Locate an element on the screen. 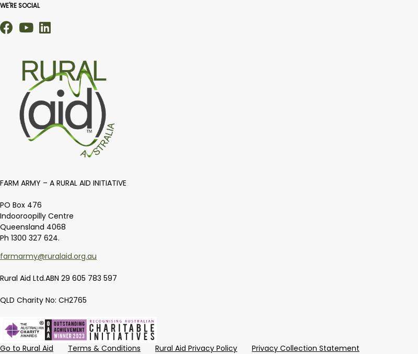 The width and height of the screenshot is (418, 354). 'Queensland 4068' is located at coordinates (32, 226).